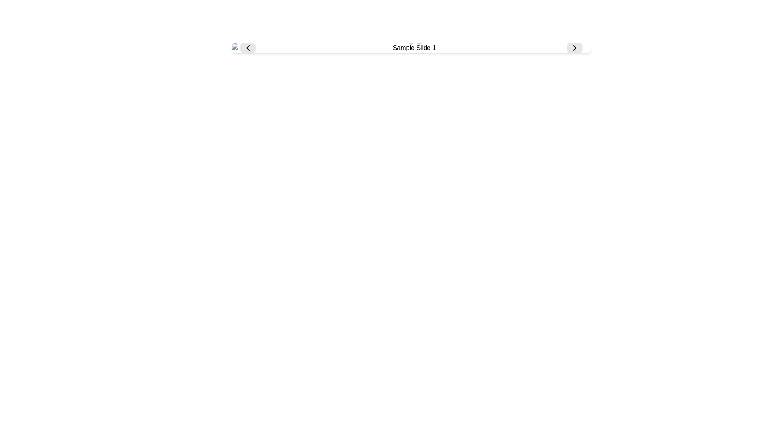 The image size is (769, 432). Describe the element at coordinates (247, 48) in the screenshot. I see `the left navigation button of the carousel` at that location.